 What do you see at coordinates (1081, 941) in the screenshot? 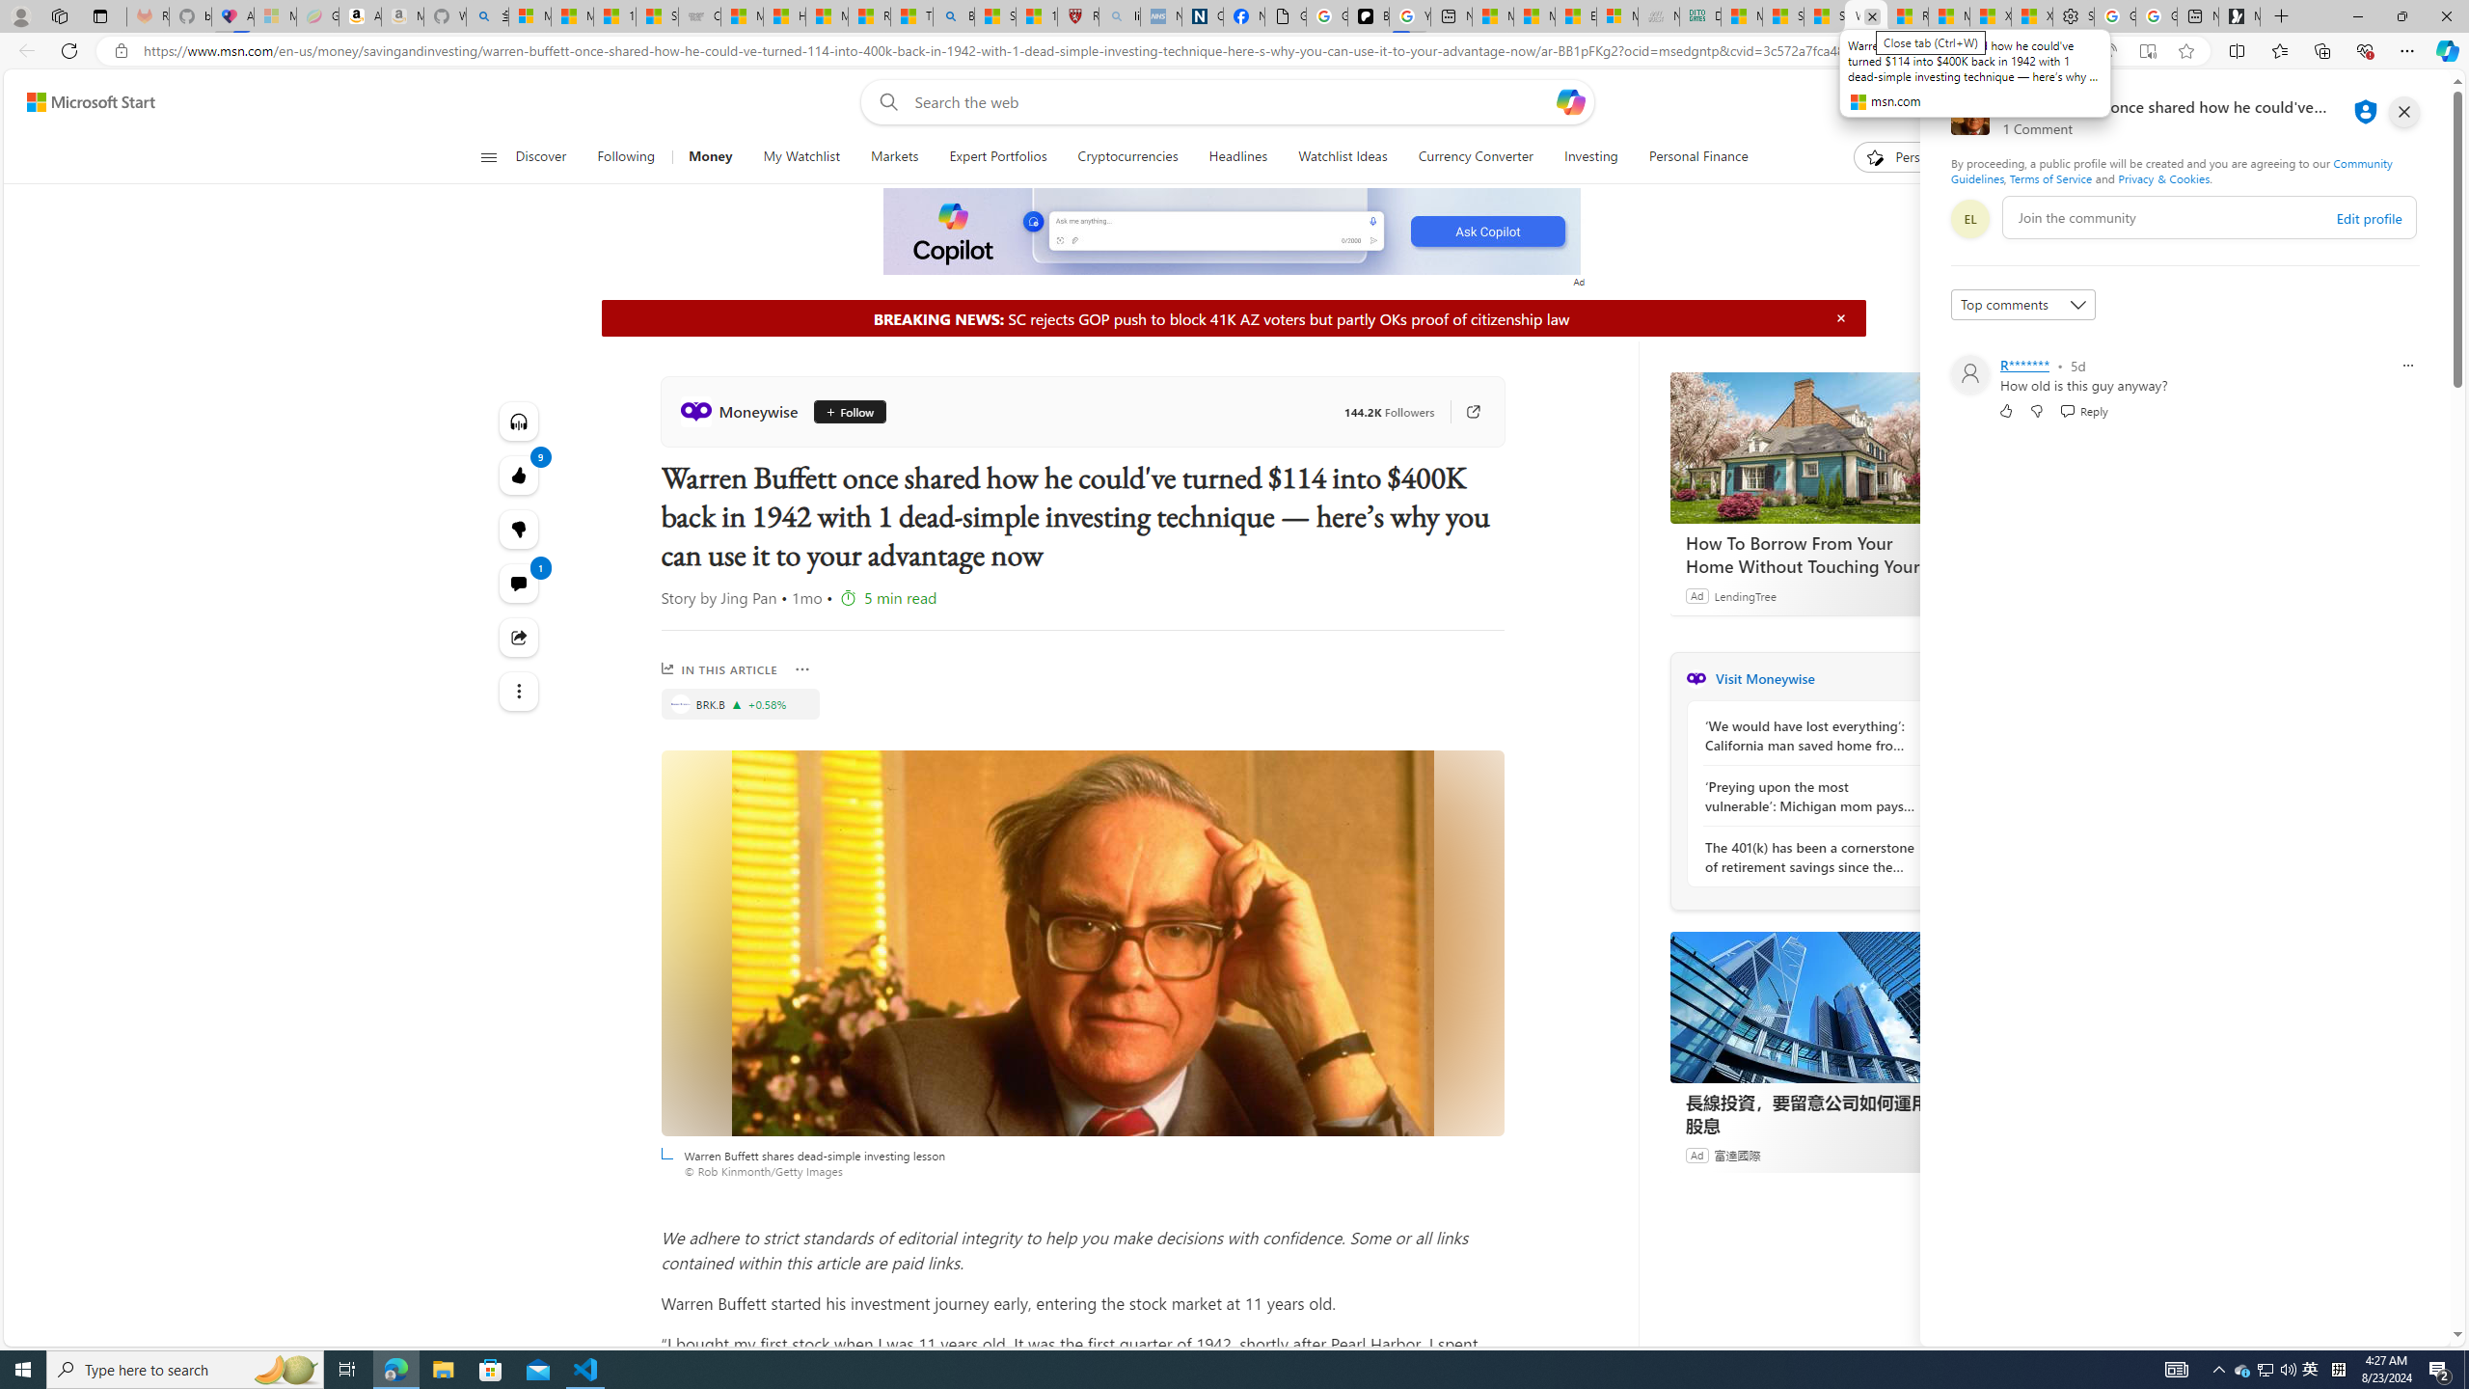
I see `'Warren Buffett shares dead-simple investing lesson'` at bounding box center [1081, 941].